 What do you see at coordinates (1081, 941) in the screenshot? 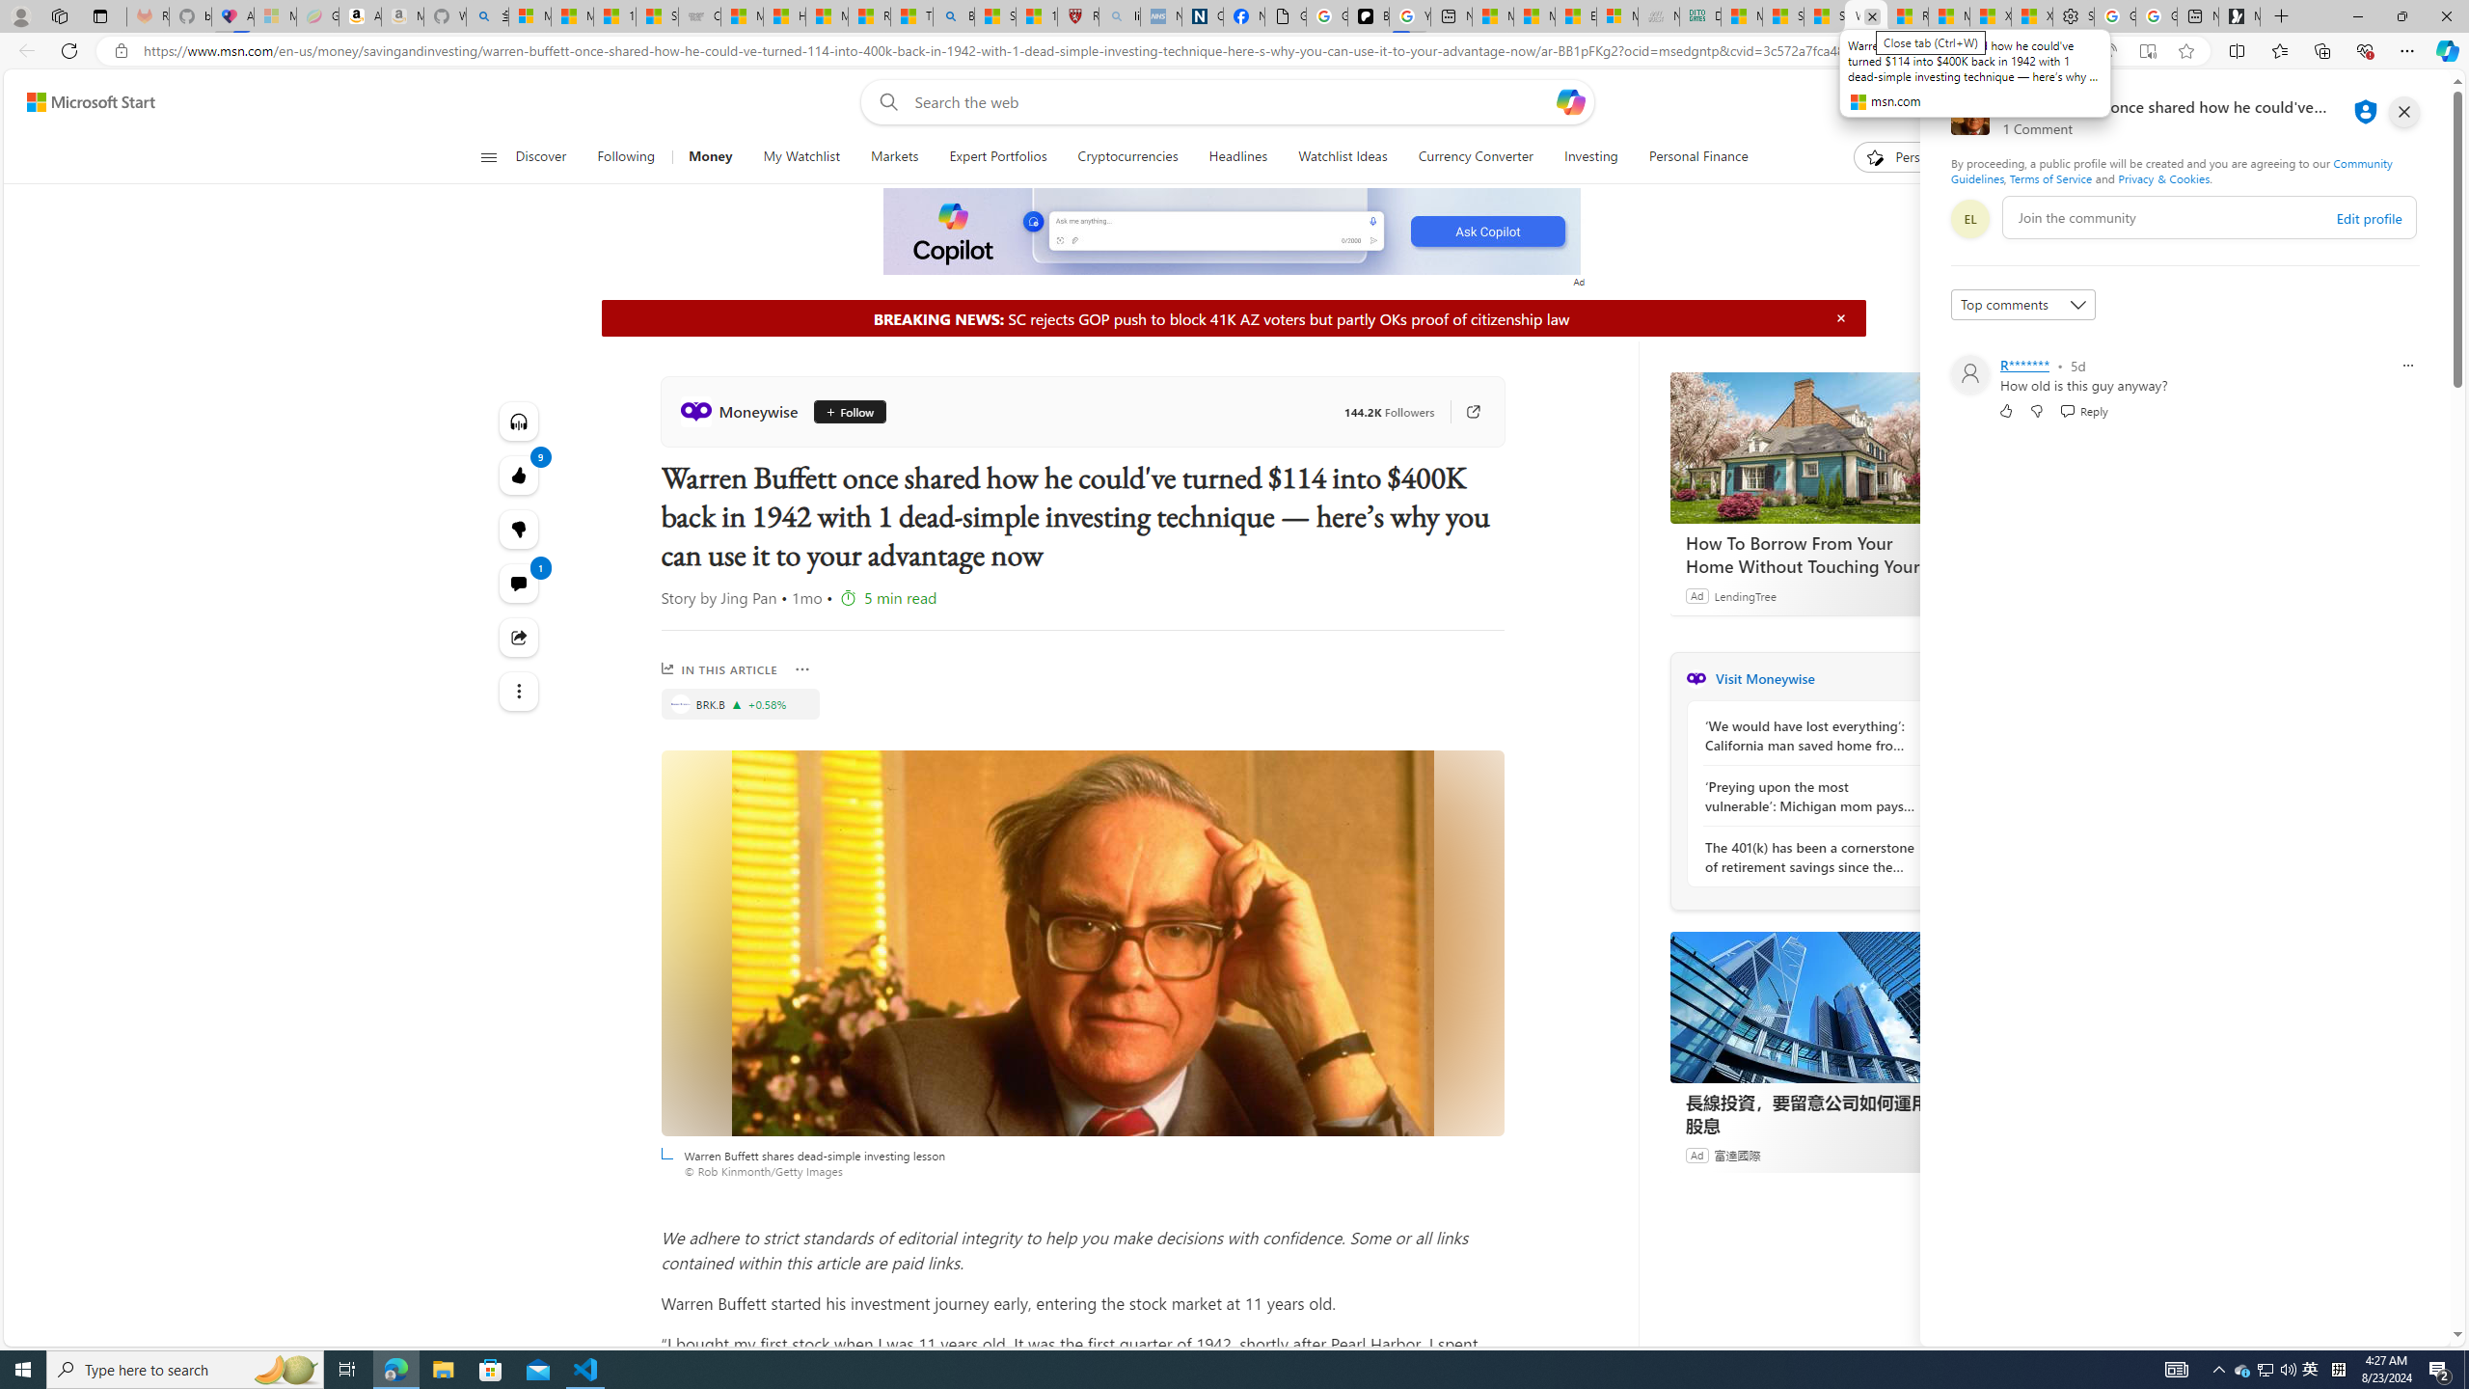
I see `'Warren Buffett shares dead-simple investing lesson'` at bounding box center [1081, 941].